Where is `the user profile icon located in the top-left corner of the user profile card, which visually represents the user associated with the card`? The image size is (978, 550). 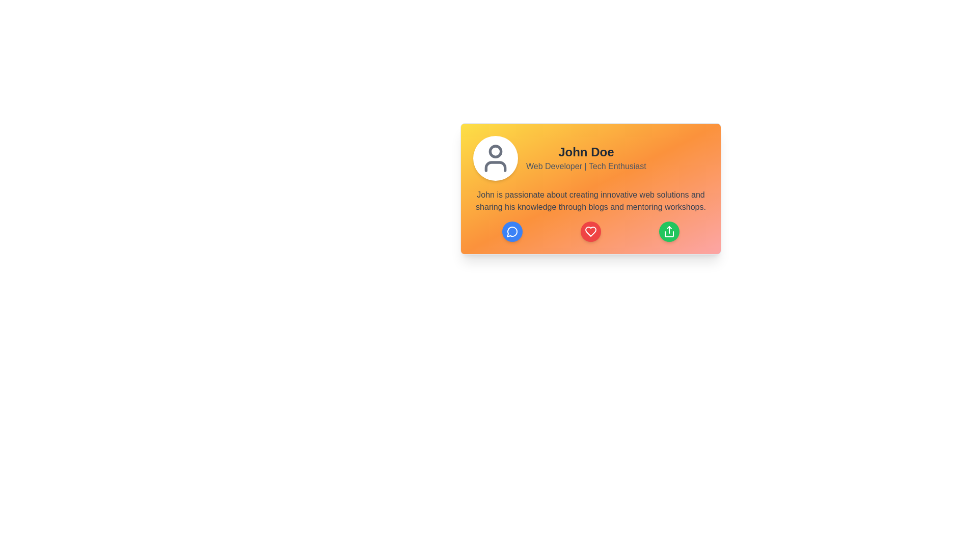 the user profile icon located in the top-left corner of the user profile card, which visually represents the user associated with the card is located at coordinates (496, 158).